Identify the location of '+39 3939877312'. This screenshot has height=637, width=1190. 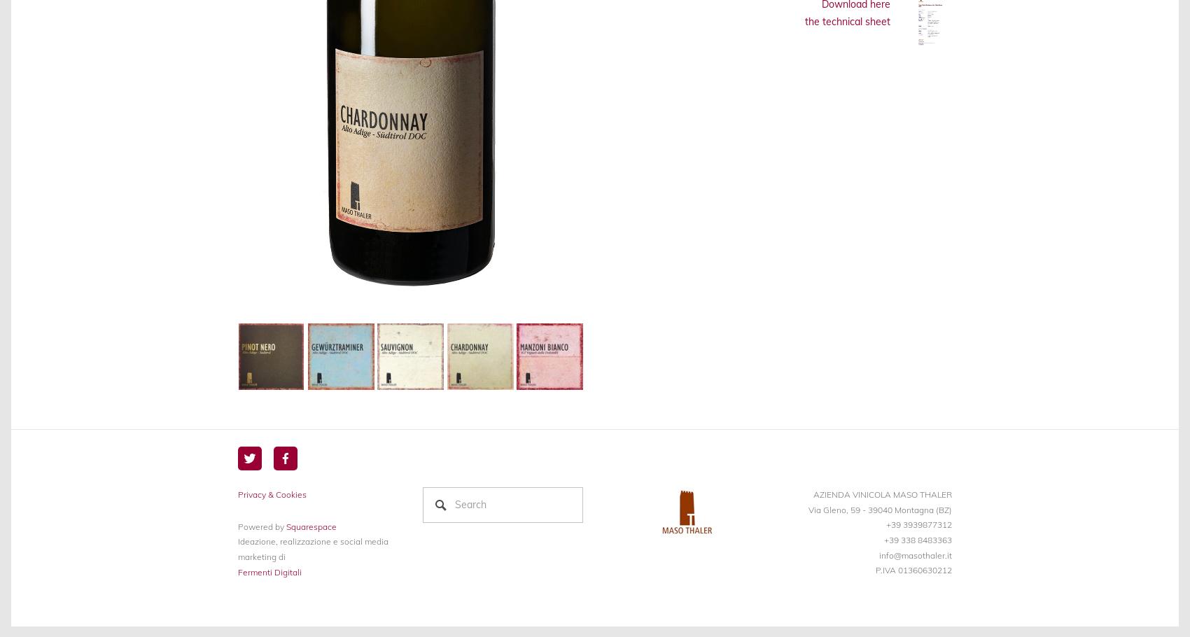
(919, 524).